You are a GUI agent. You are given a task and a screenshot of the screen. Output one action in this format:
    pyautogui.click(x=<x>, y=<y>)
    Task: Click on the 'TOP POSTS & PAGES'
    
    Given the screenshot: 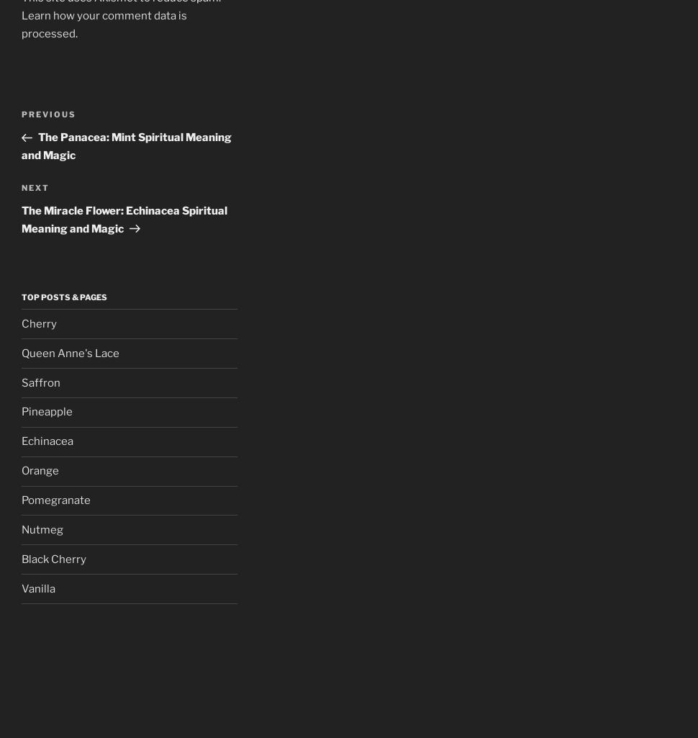 What is the action you would take?
    pyautogui.click(x=63, y=297)
    